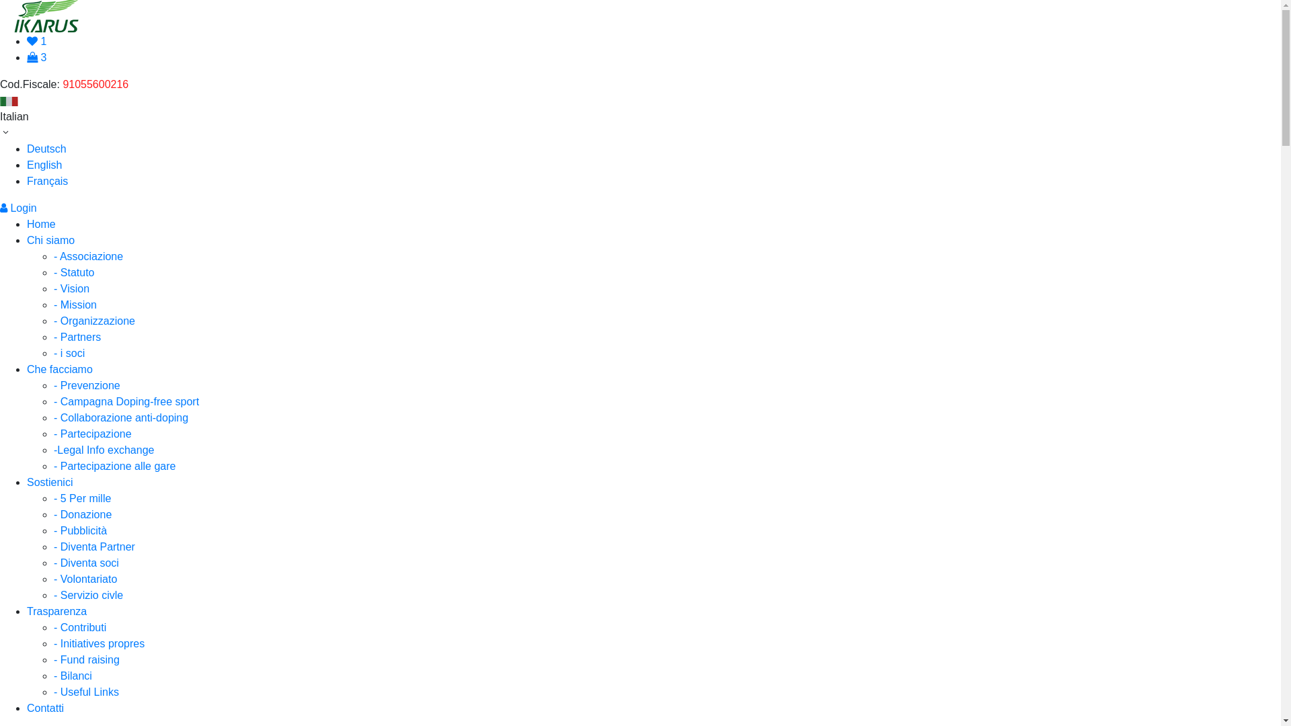 The height and width of the screenshot is (726, 1291). What do you see at coordinates (86, 385) in the screenshot?
I see `'- Prevenzione'` at bounding box center [86, 385].